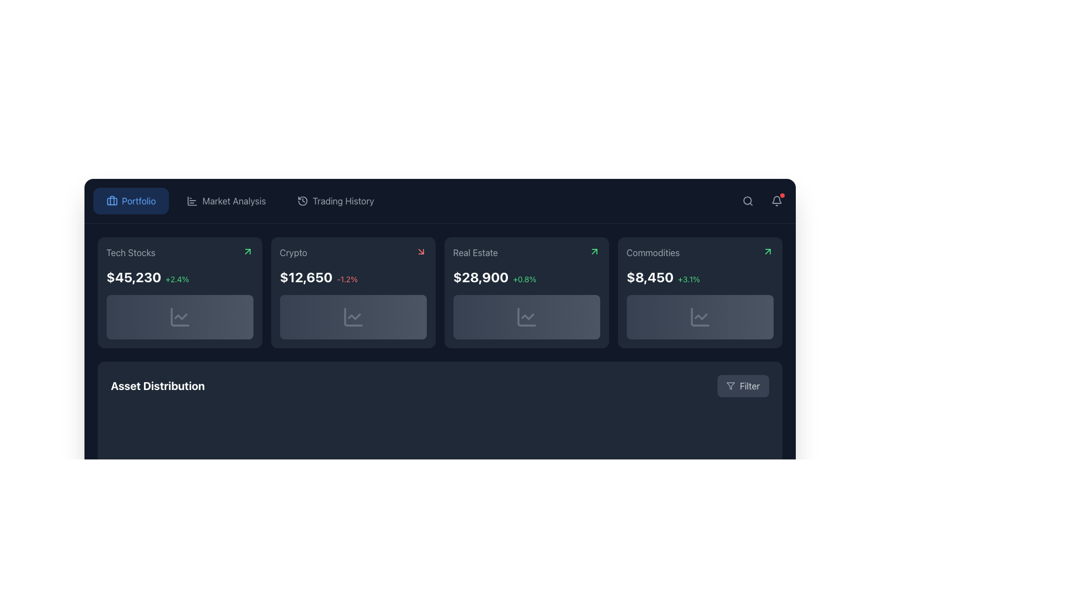 The height and width of the screenshot is (600, 1067). I want to click on the small filter icon represented by a downward-pointing triangular shape with a line crossing through it, located inside the 'Filter' button in the bottom-right corner of the interface to interact with the filter functionality, so click(731, 385).